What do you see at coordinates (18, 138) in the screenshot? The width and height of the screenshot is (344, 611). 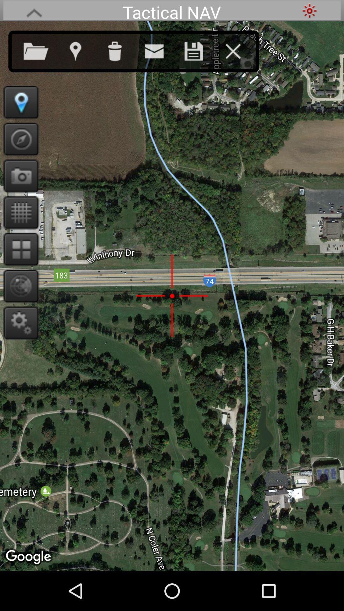 I see `compass` at bounding box center [18, 138].